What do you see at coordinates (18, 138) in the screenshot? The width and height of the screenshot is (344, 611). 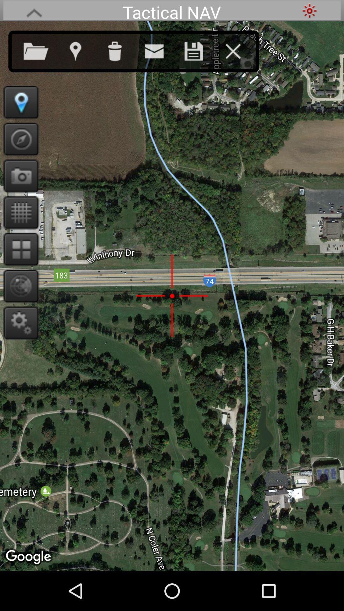 I see `compass` at bounding box center [18, 138].